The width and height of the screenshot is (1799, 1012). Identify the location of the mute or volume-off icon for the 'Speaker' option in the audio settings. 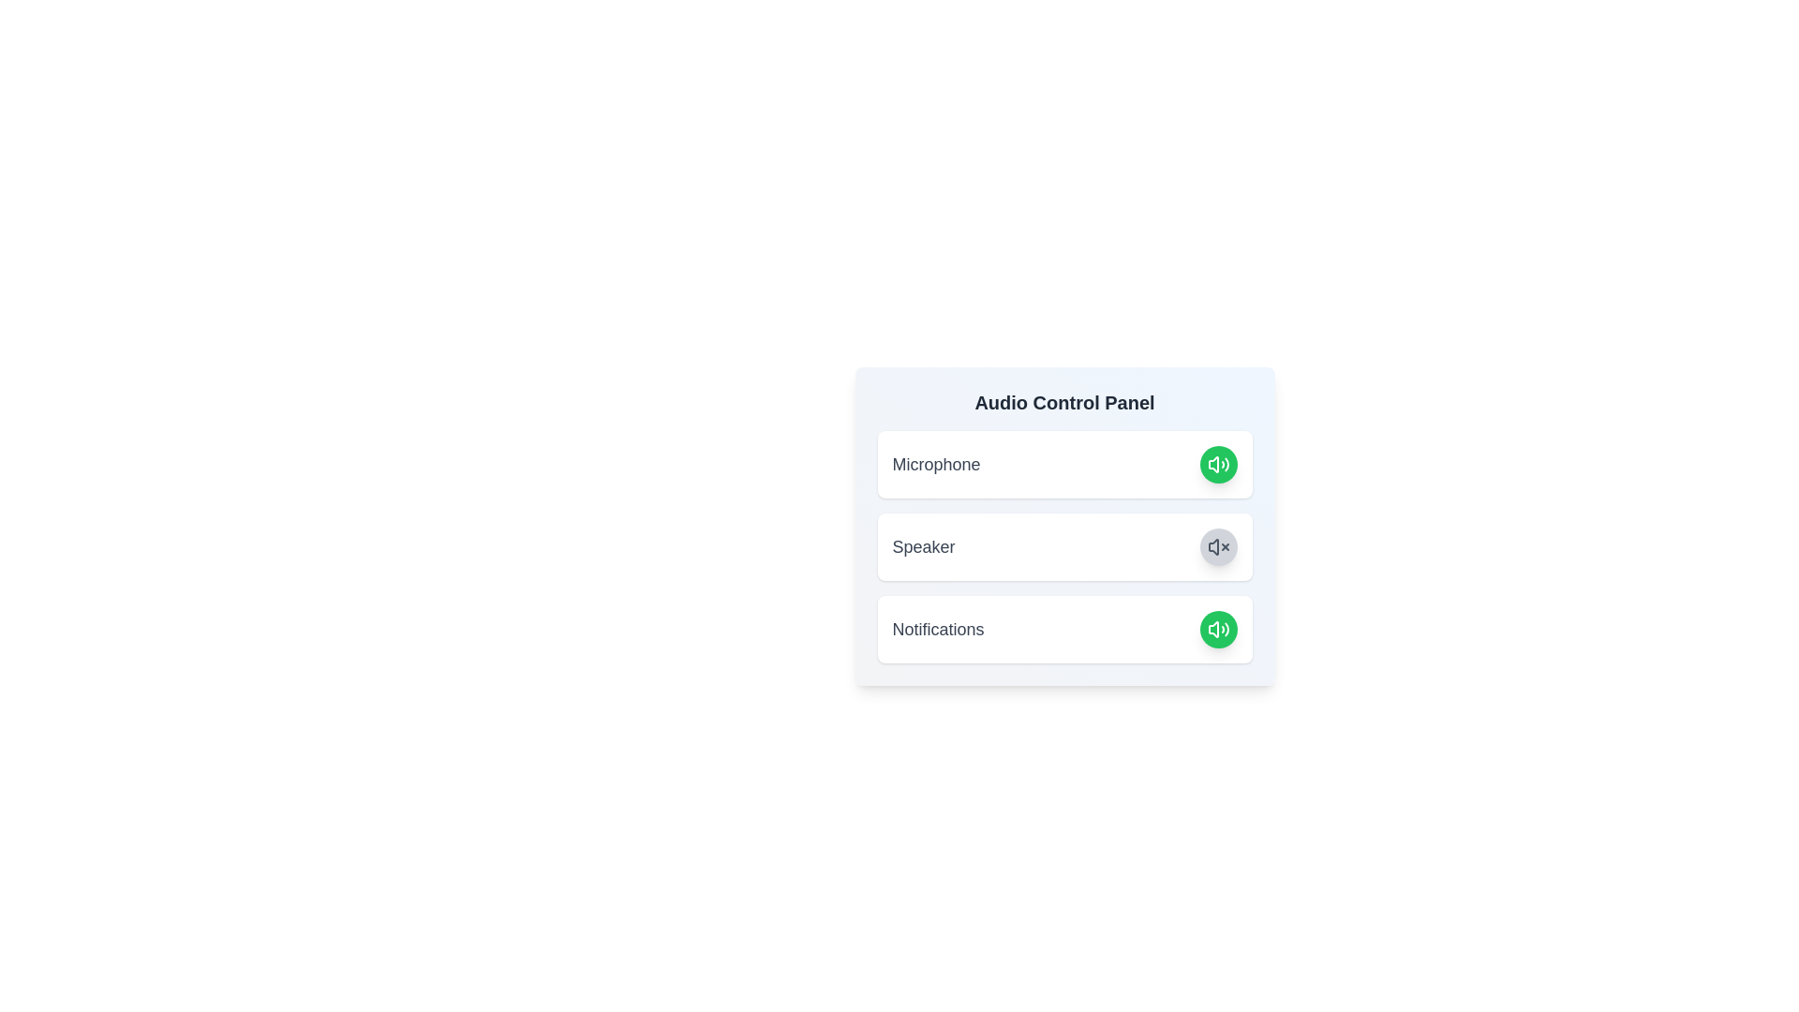
(1213, 546).